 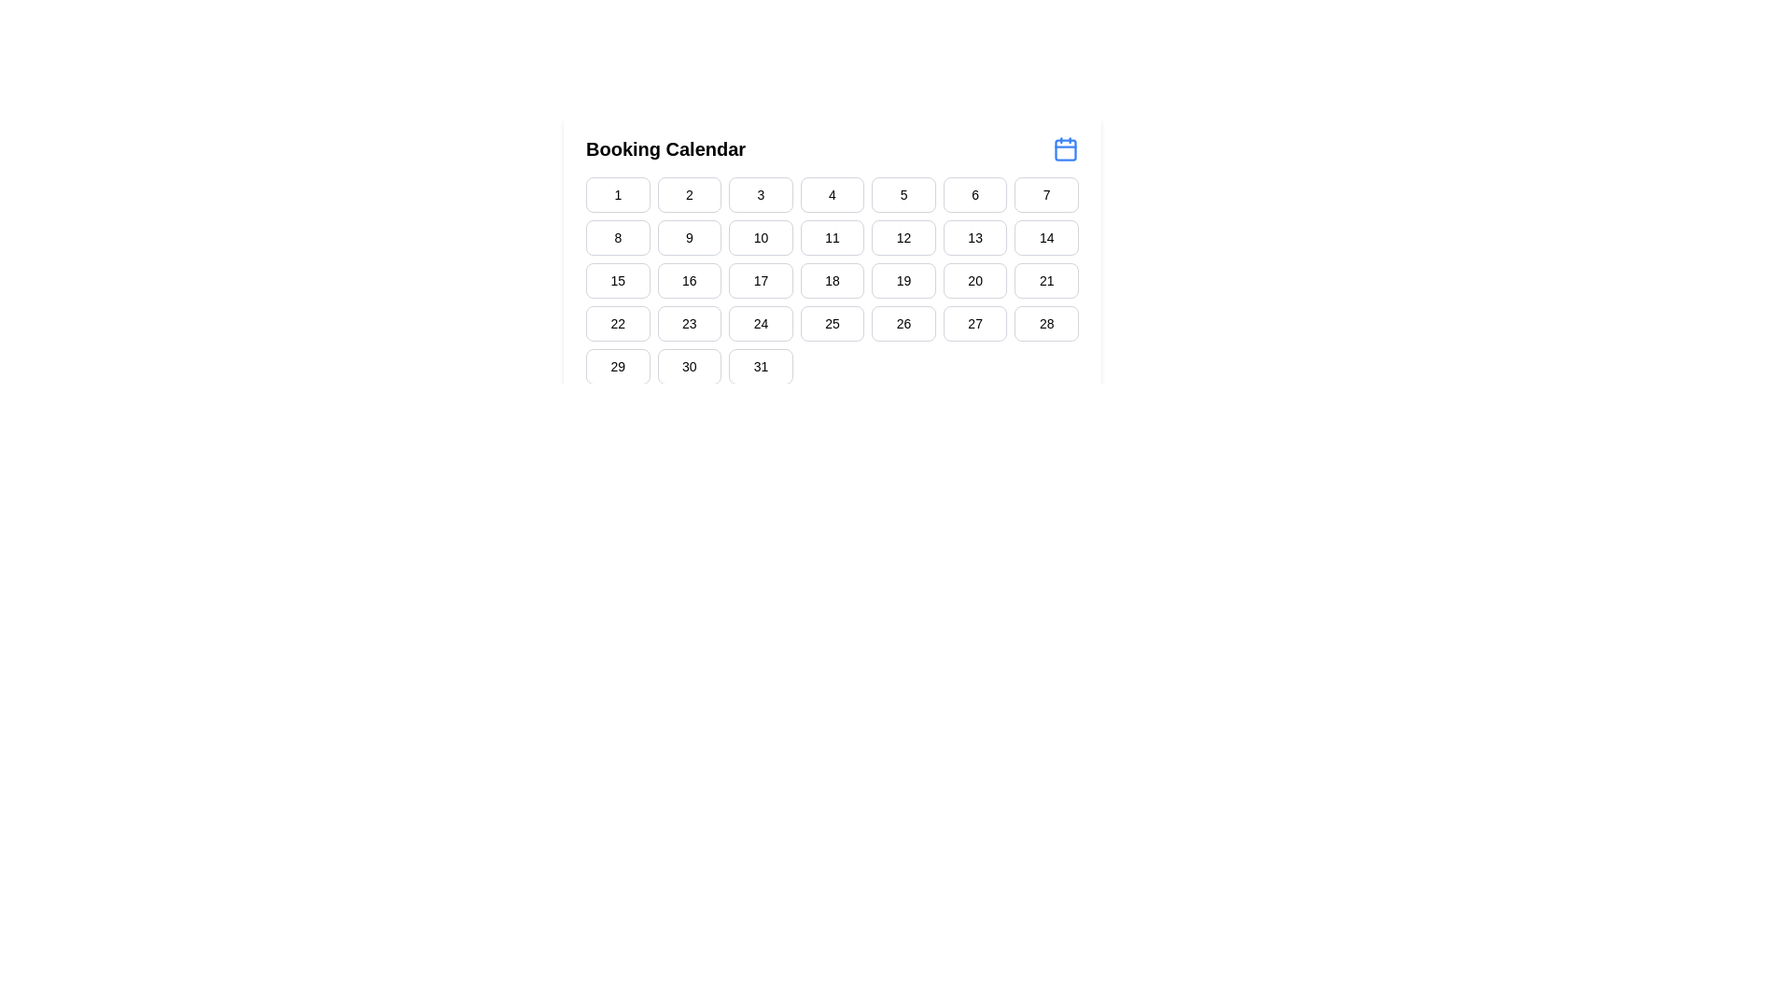 I want to click on the button displaying the number '4' in the calendar date grid, so click(x=832, y=194).